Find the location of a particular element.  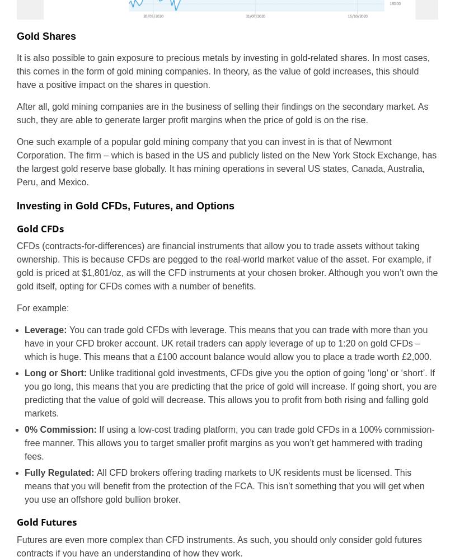

'It is also possible to gain exposure to precious metals by investing in gold-related shares. In most cases, this comes in the form of gold mining companies. In theory, as the value of gold increases, this should have a positive impact on the shares in question.' is located at coordinates (223, 71).